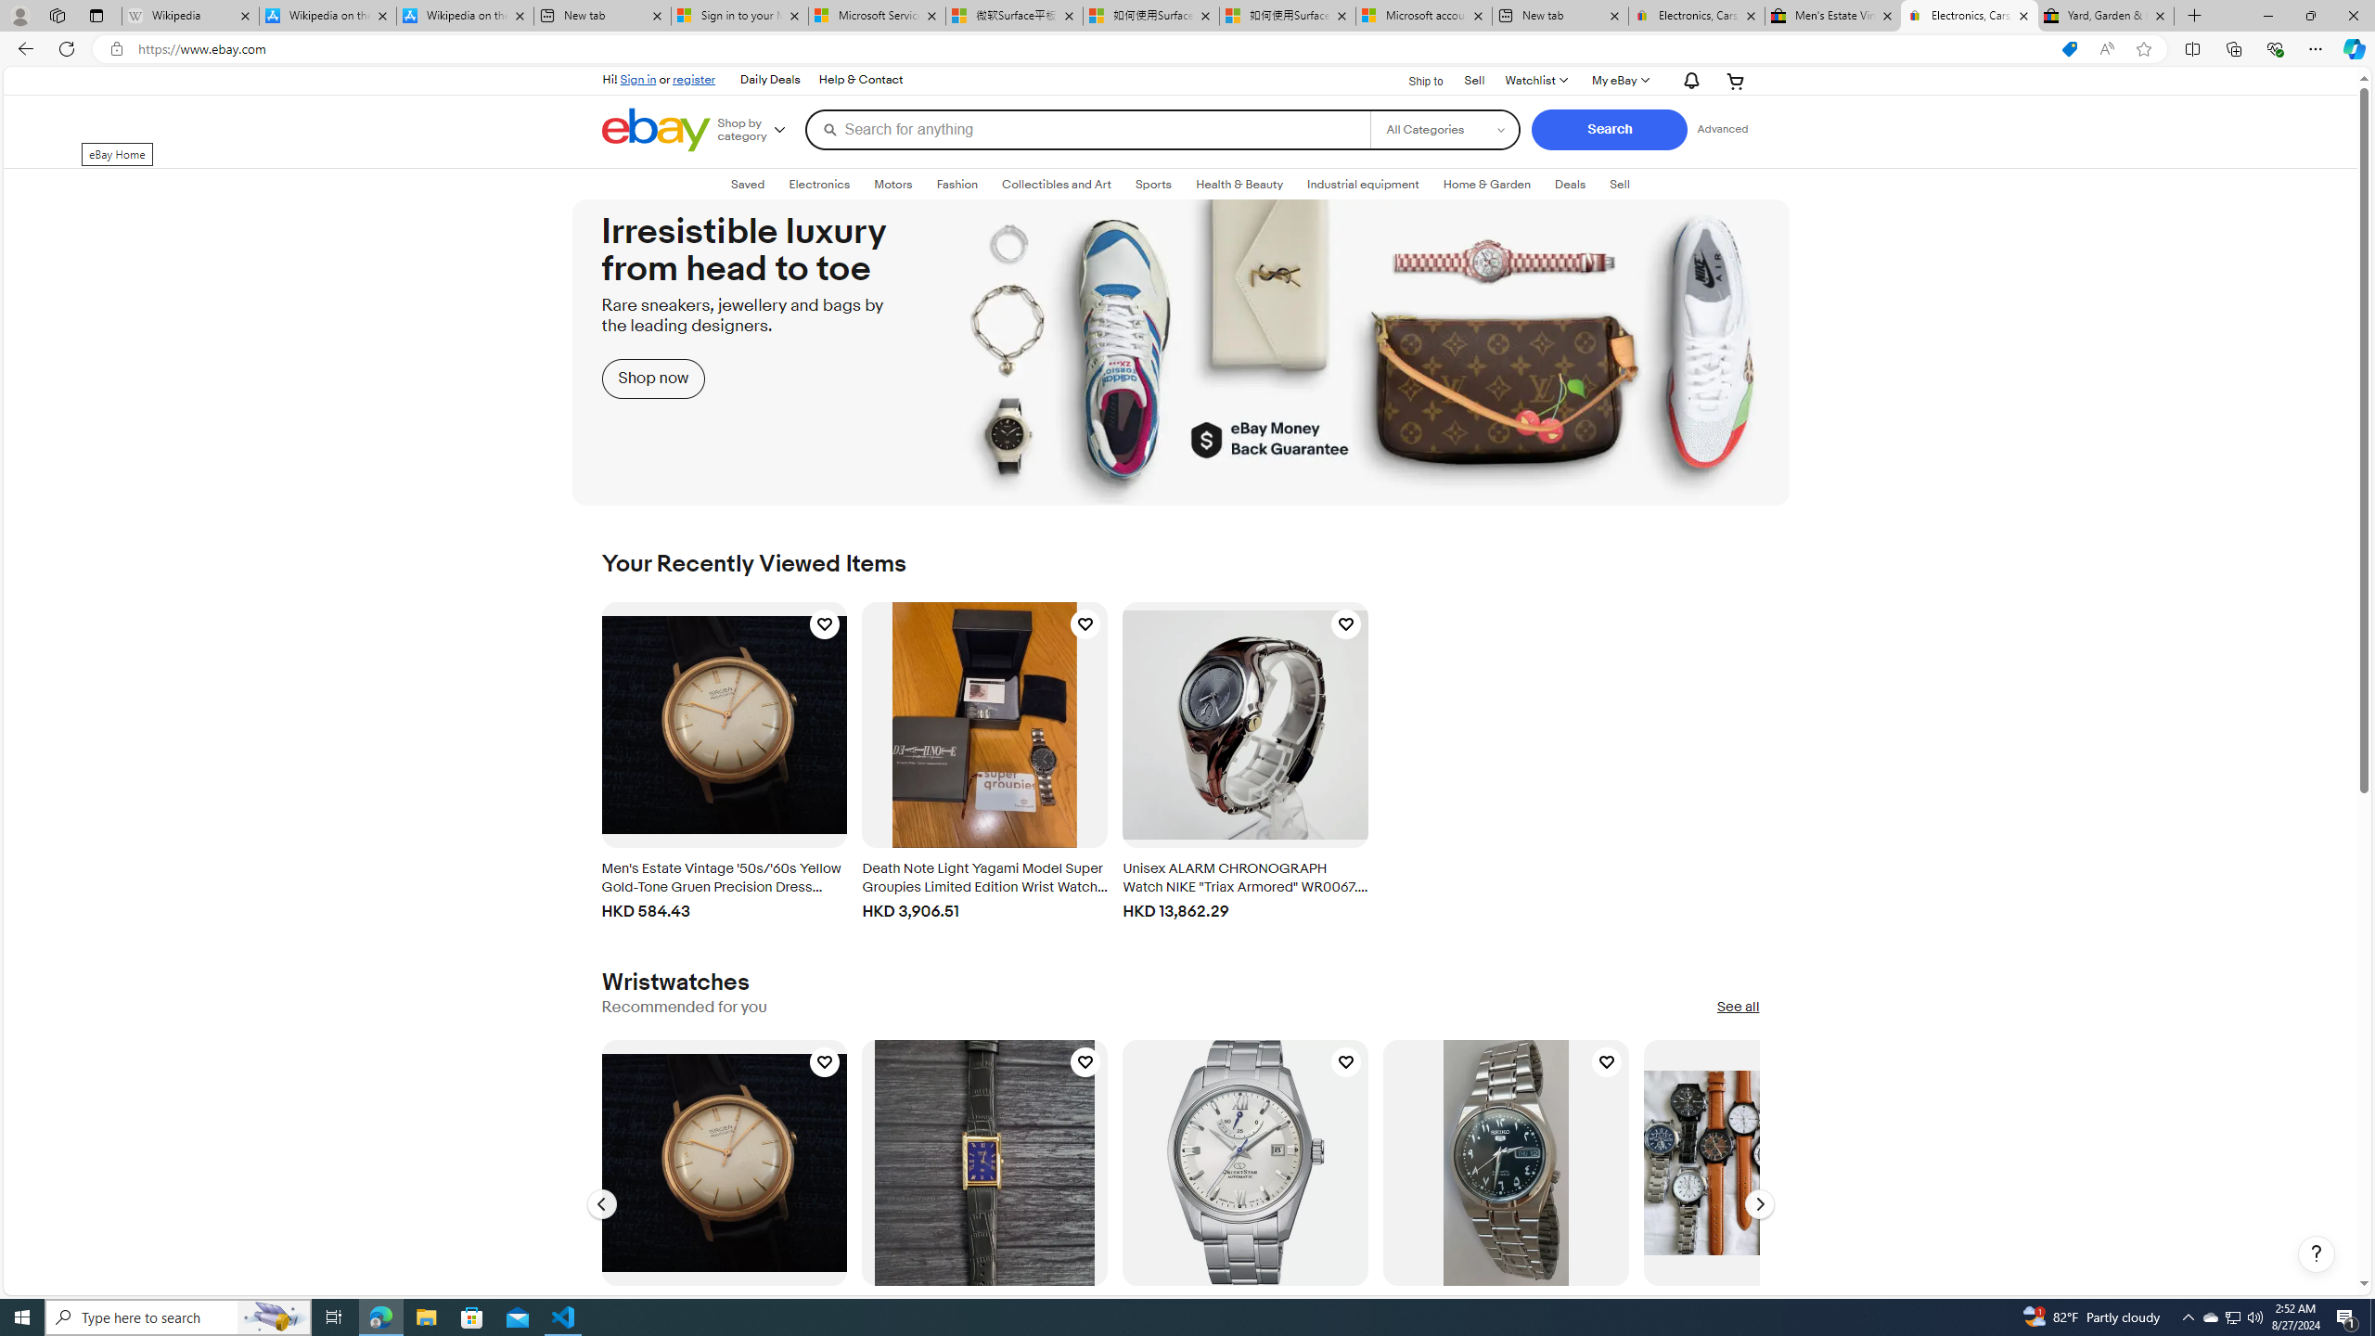 This screenshot has height=1336, width=2375. I want to click on 'ElectronicsExpand: Electronics', so click(818, 184).